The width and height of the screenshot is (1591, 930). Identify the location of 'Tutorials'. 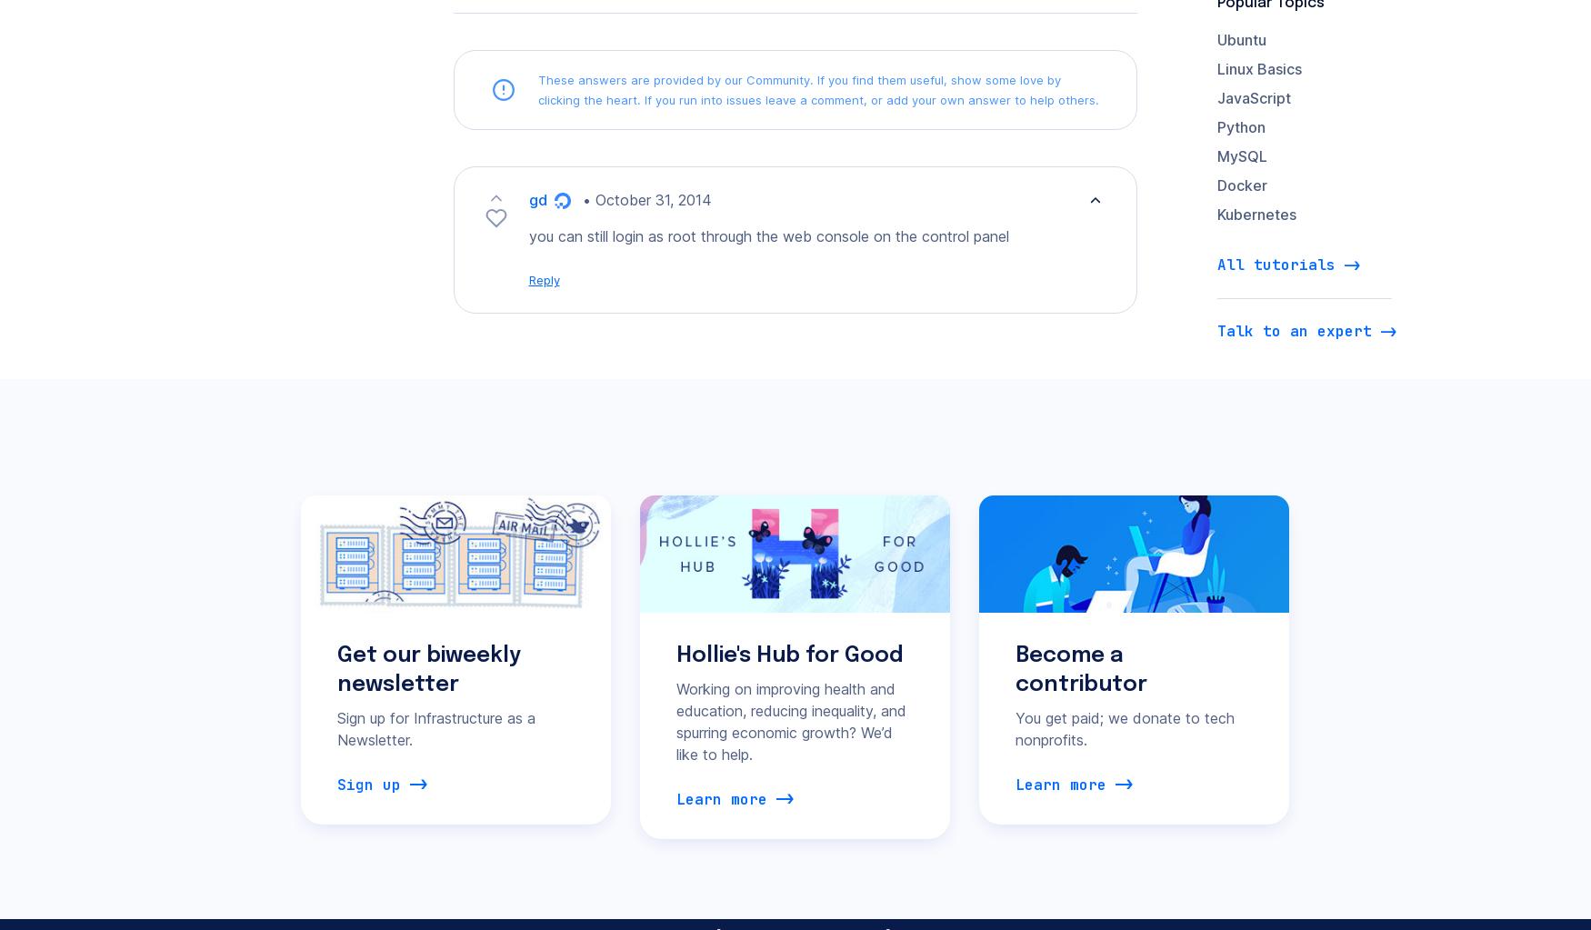
(733, 181).